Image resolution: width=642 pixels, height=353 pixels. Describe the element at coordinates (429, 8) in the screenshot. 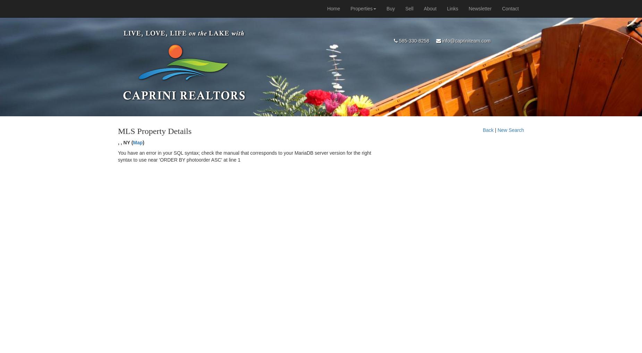

I see `'About'` at that location.